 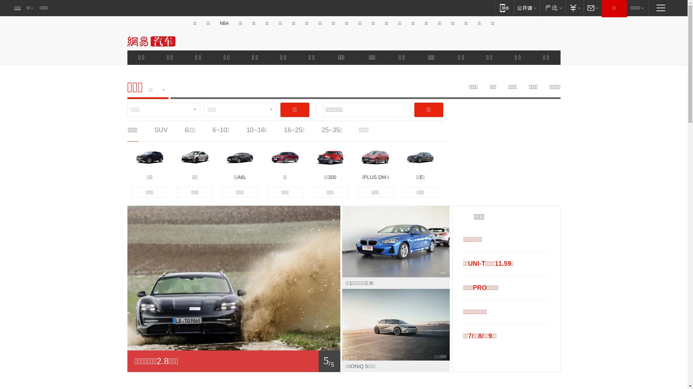 What do you see at coordinates (161, 130) in the screenshot?
I see `'SUV'` at bounding box center [161, 130].